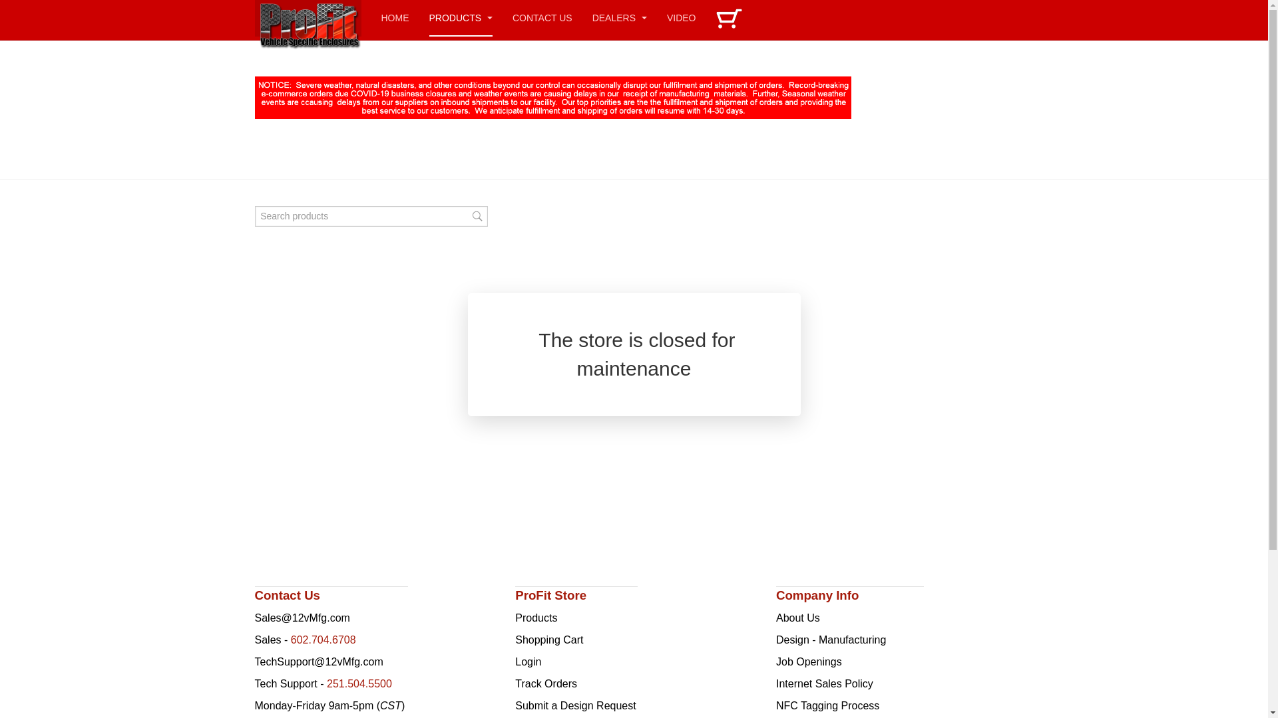 This screenshot has width=1278, height=718. Describe the element at coordinates (318, 661) in the screenshot. I see `'TechSupport@12vMfg.com'` at that location.